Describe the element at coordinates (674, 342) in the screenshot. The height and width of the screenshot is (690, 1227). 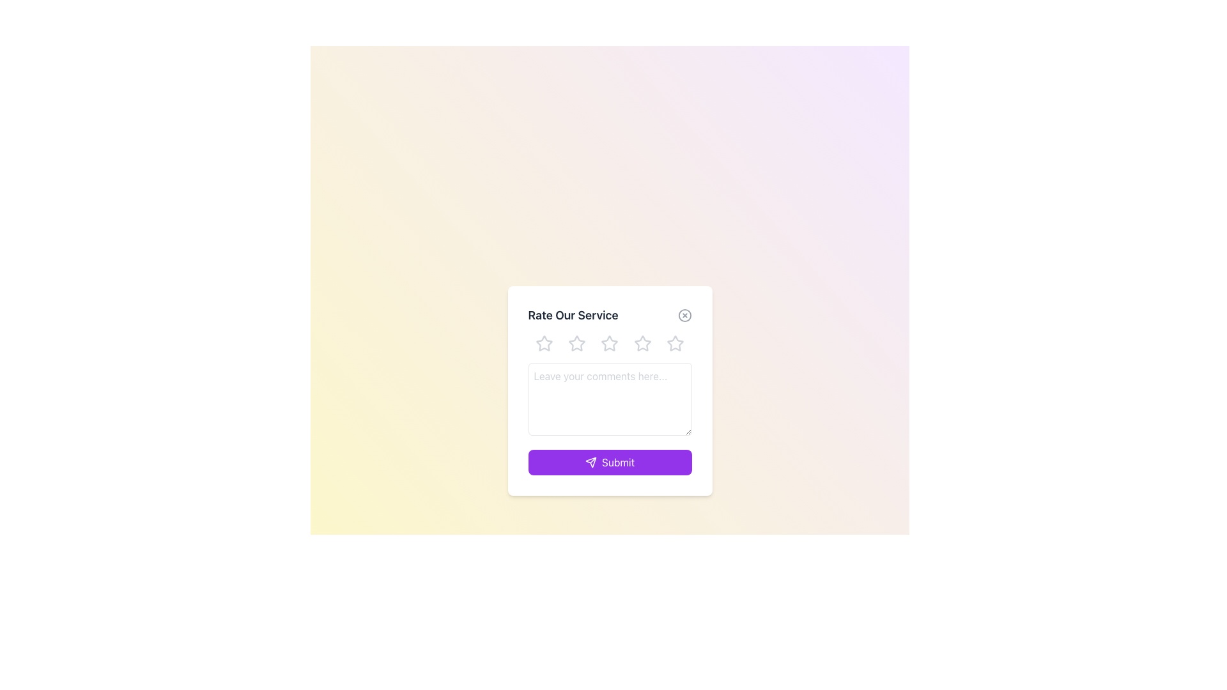
I see `the fifth star button in the feedback form popup` at that location.